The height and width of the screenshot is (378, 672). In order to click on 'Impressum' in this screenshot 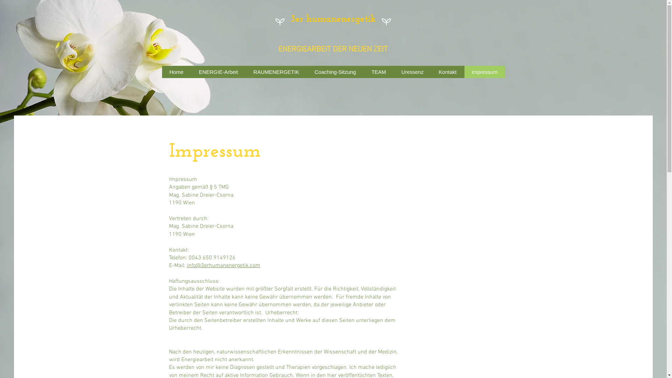, I will do `click(484, 72)`.